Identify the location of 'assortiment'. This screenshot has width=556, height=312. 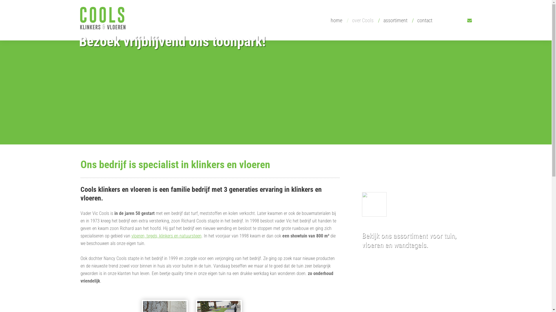
(394, 20).